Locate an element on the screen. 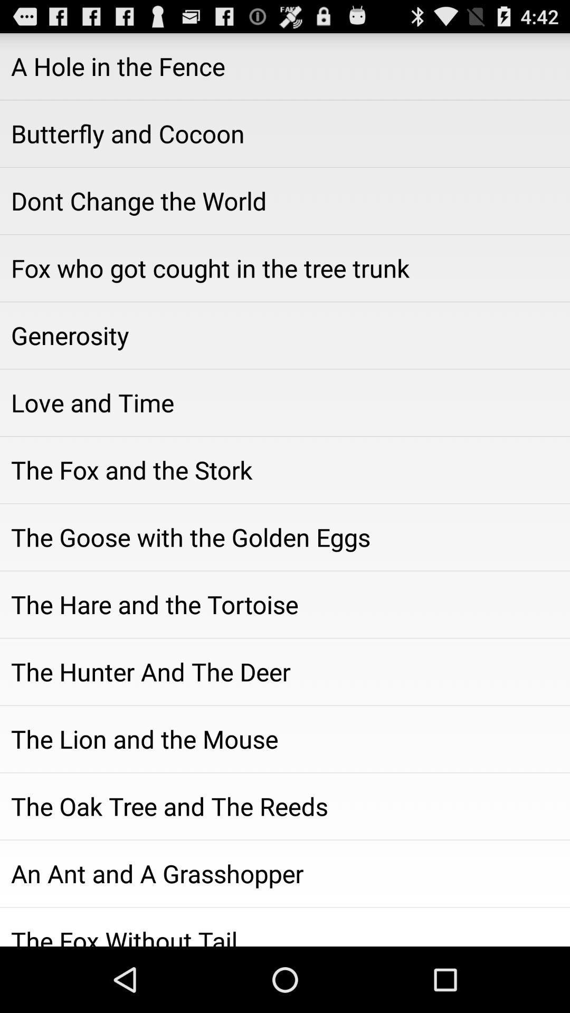  the item above the fox without item is located at coordinates (285, 874).